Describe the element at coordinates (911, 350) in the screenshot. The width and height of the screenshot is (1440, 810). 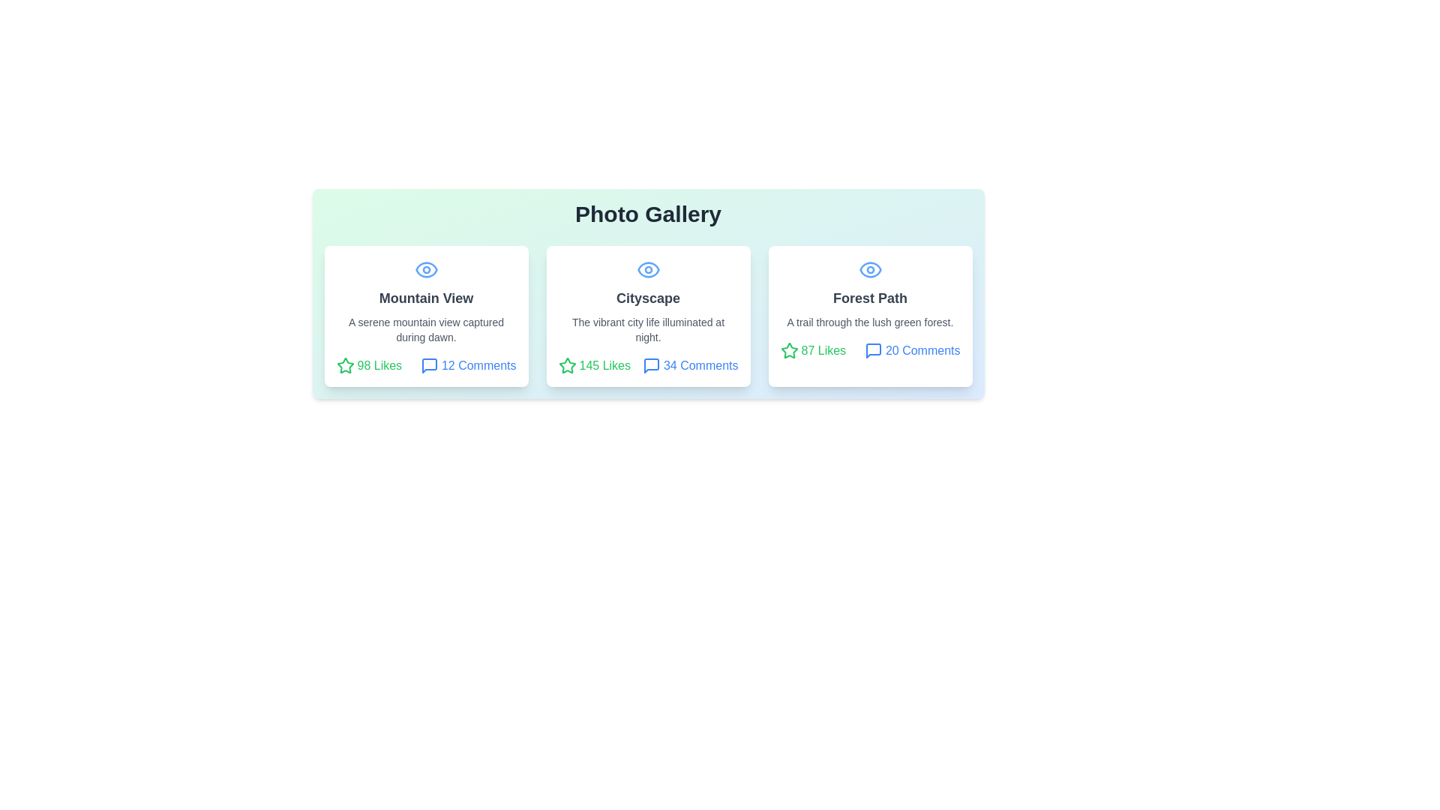
I see `the comments count for the photo titled Forest Path` at that location.